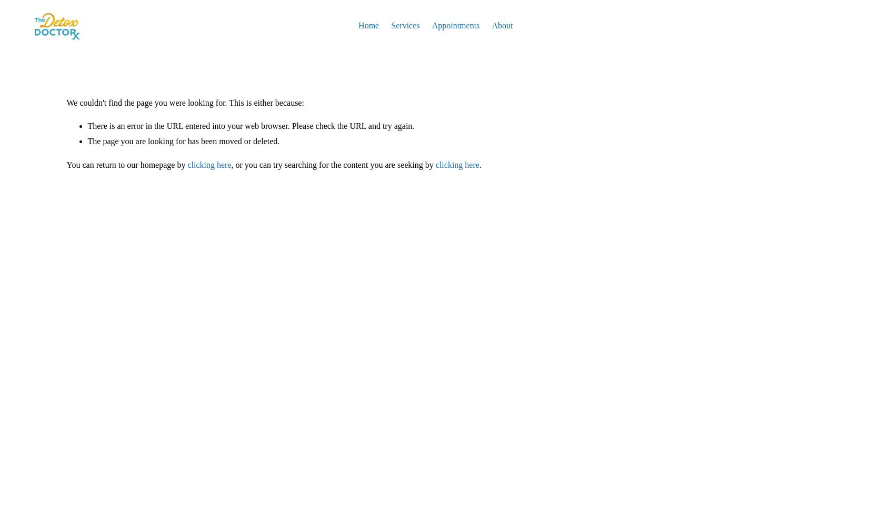 The width and height of the screenshot is (870, 526). Describe the element at coordinates (455, 25) in the screenshot. I see `'Appointments'` at that location.